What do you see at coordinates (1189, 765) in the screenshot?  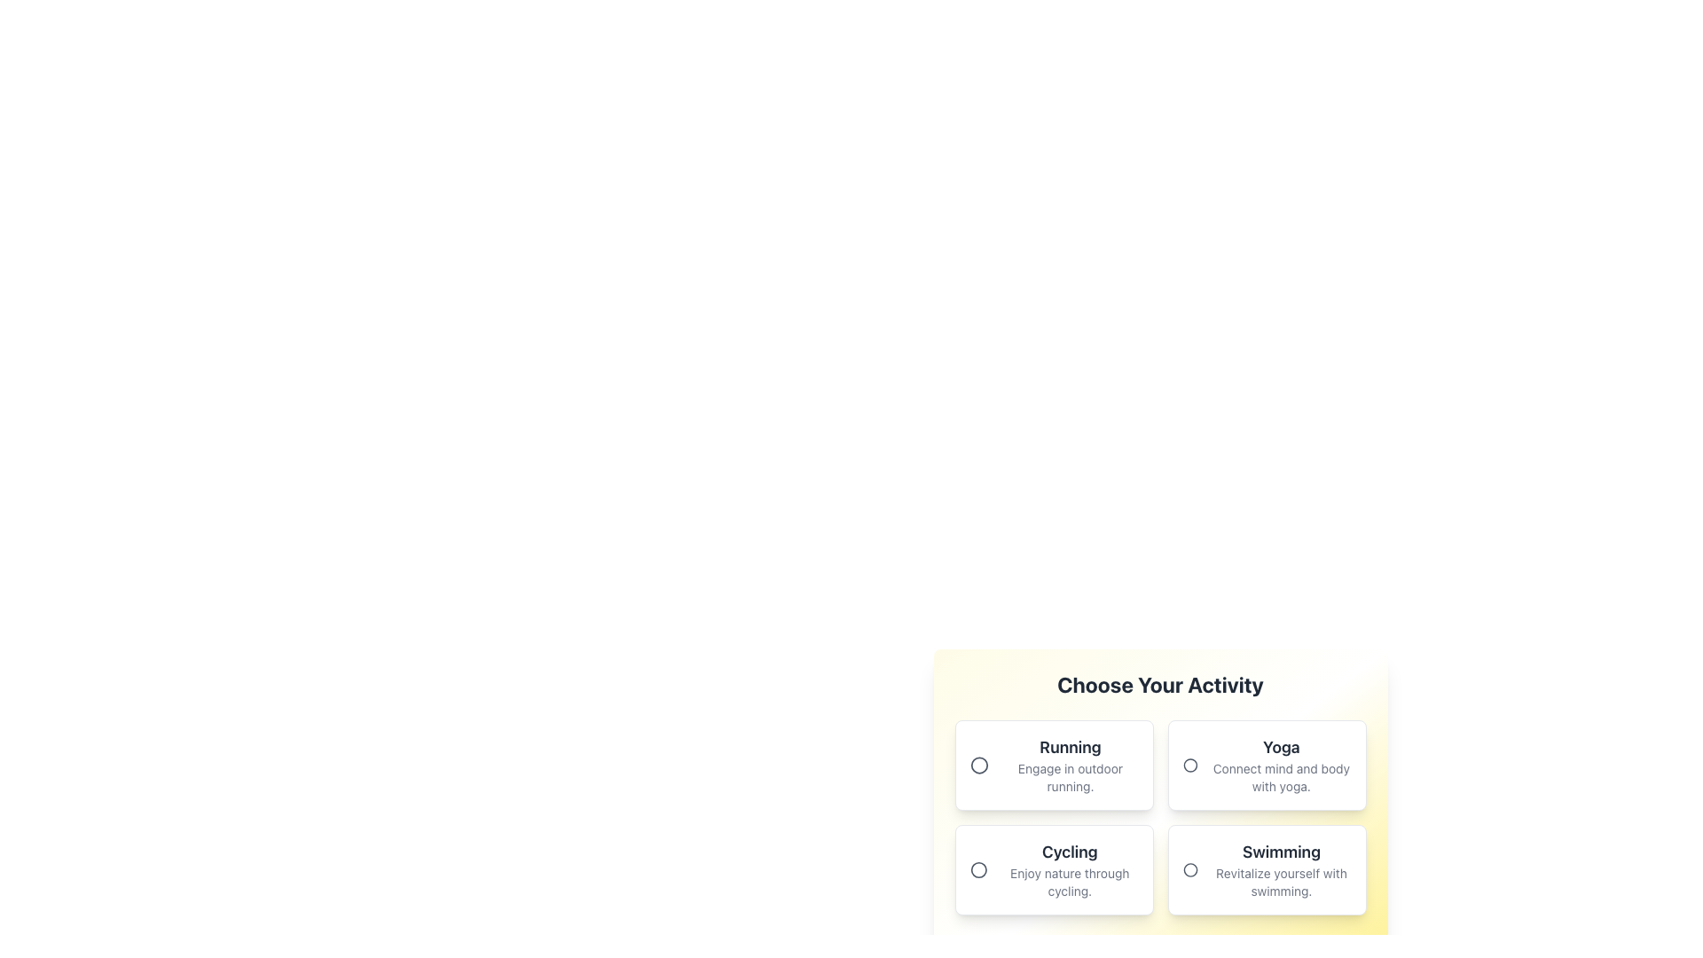 I see `the unselected state indicator (circle icon) located in the Yoga option card within the Choose Your Activity section, positioned at the top-right card among a grid of four cards` at bounding box center [1189, 765].